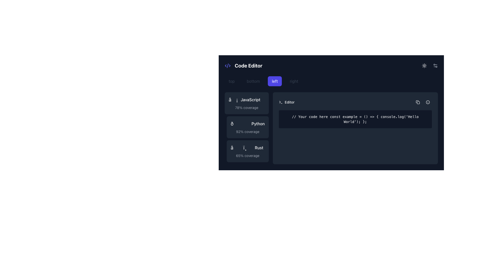 The width and height of the screenshot is (481, 270). Describe the element at coordinates (251, 99) in the screenshot. I see `the text label that reads 'JavaScript', which is styled with a medium-weight font and is located within a dark-themed interface, accompanied by the symbol 'â' to its left` at that location.